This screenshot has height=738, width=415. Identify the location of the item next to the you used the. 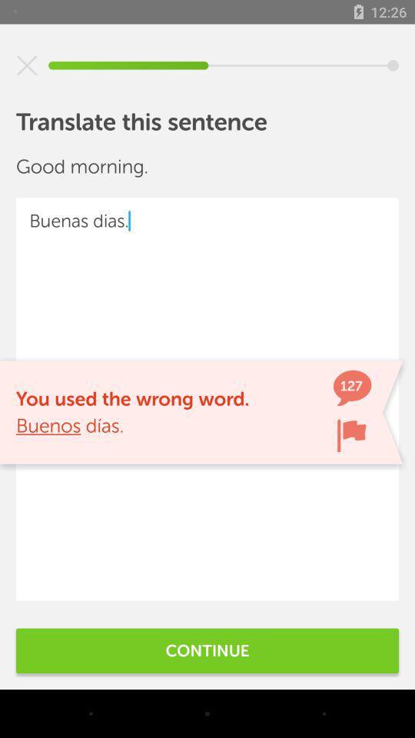
(351, 435).